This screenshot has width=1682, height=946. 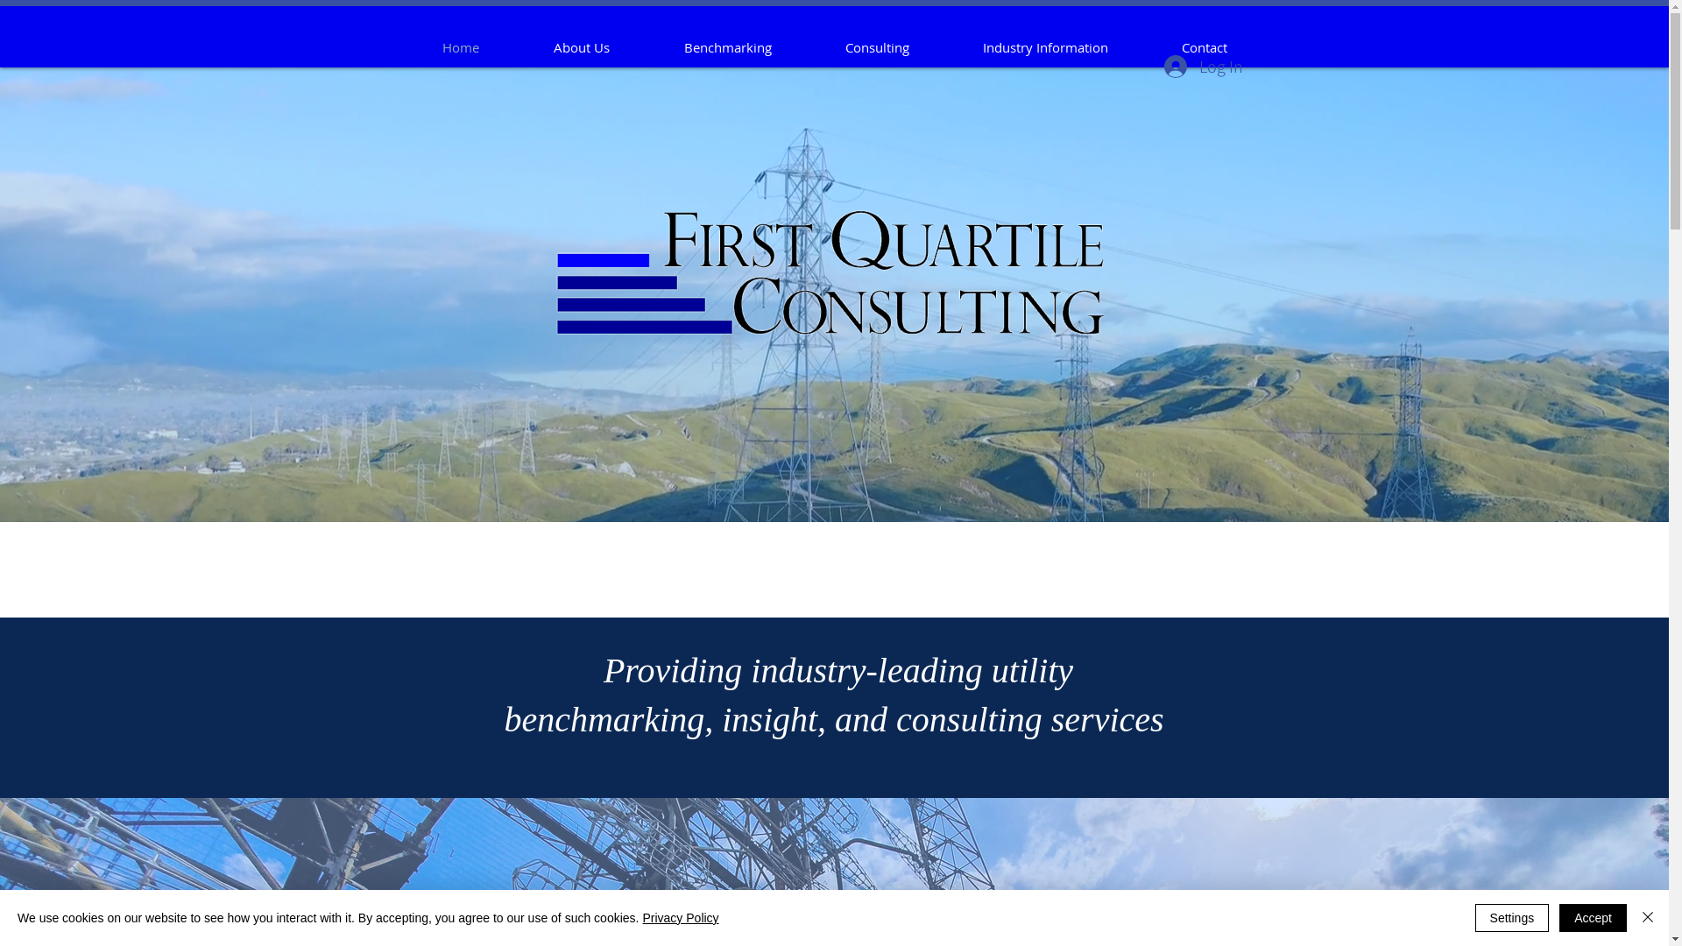 What do you see at coordinates (679, 917) in the screenshot?
I see `'Privacy Policy'` at bounding box center [679, 917].